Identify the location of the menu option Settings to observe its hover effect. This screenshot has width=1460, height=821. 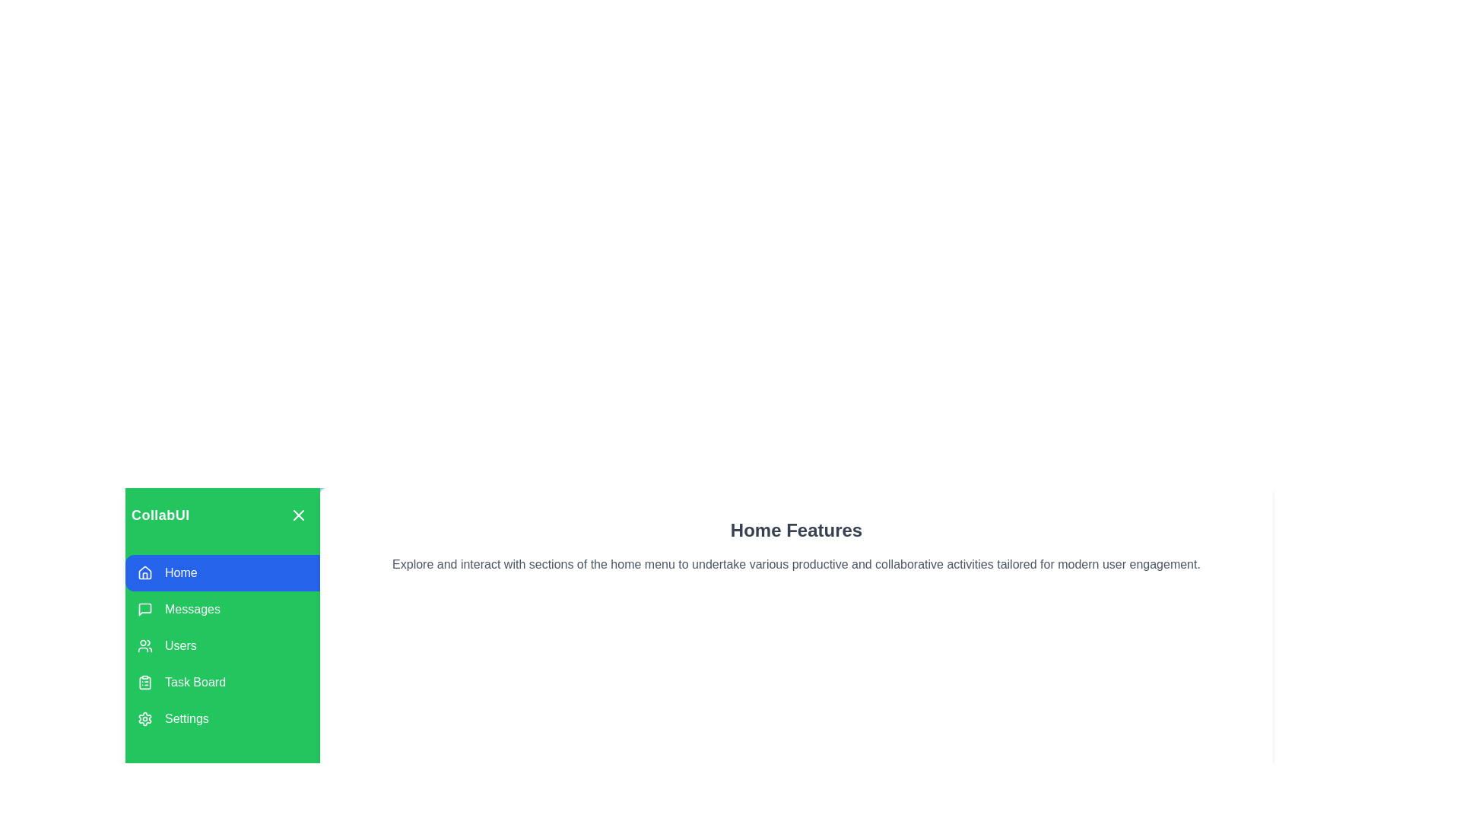
(221, 718).